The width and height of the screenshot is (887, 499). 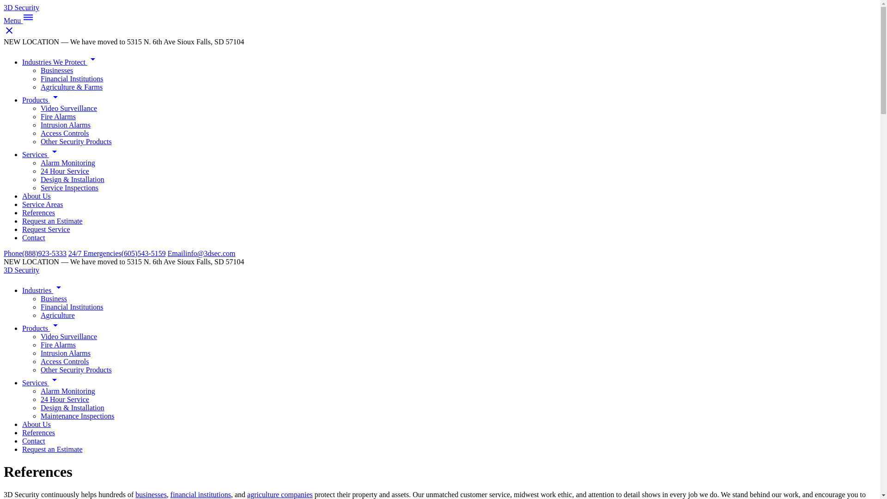 What do you see at coordinates (38, 213) in the screenshot?
I see `'References'` at bounding box center [38, 213].